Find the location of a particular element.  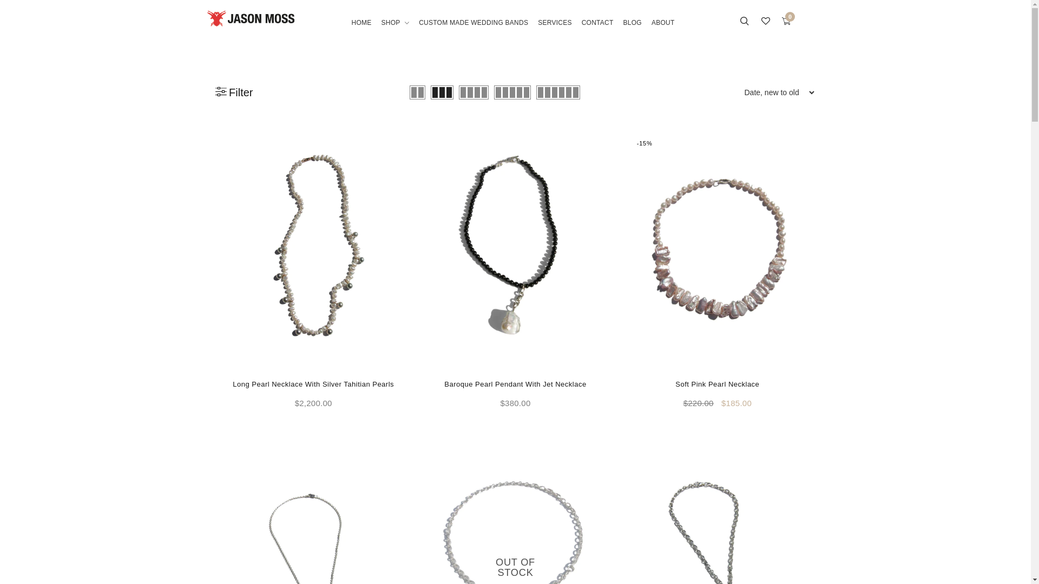

'CUSTOM MADE WEDDING BANDS' is located at coordinates (413, 30).